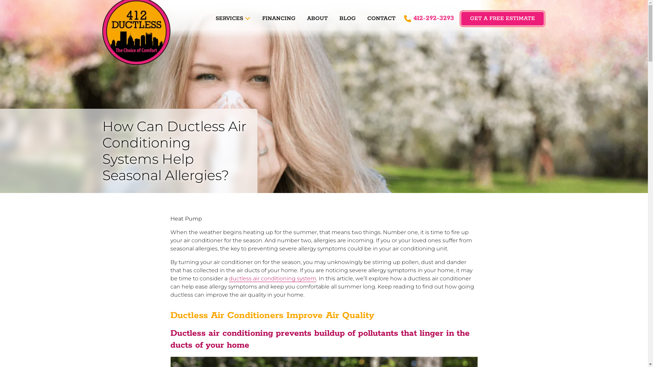 The width and height of the screenshot is (653, 367). What do you see at coordinates (272, 279) in the screenshot?
I see `'ductless air conditioning system'` at bounding box center [272, 279].